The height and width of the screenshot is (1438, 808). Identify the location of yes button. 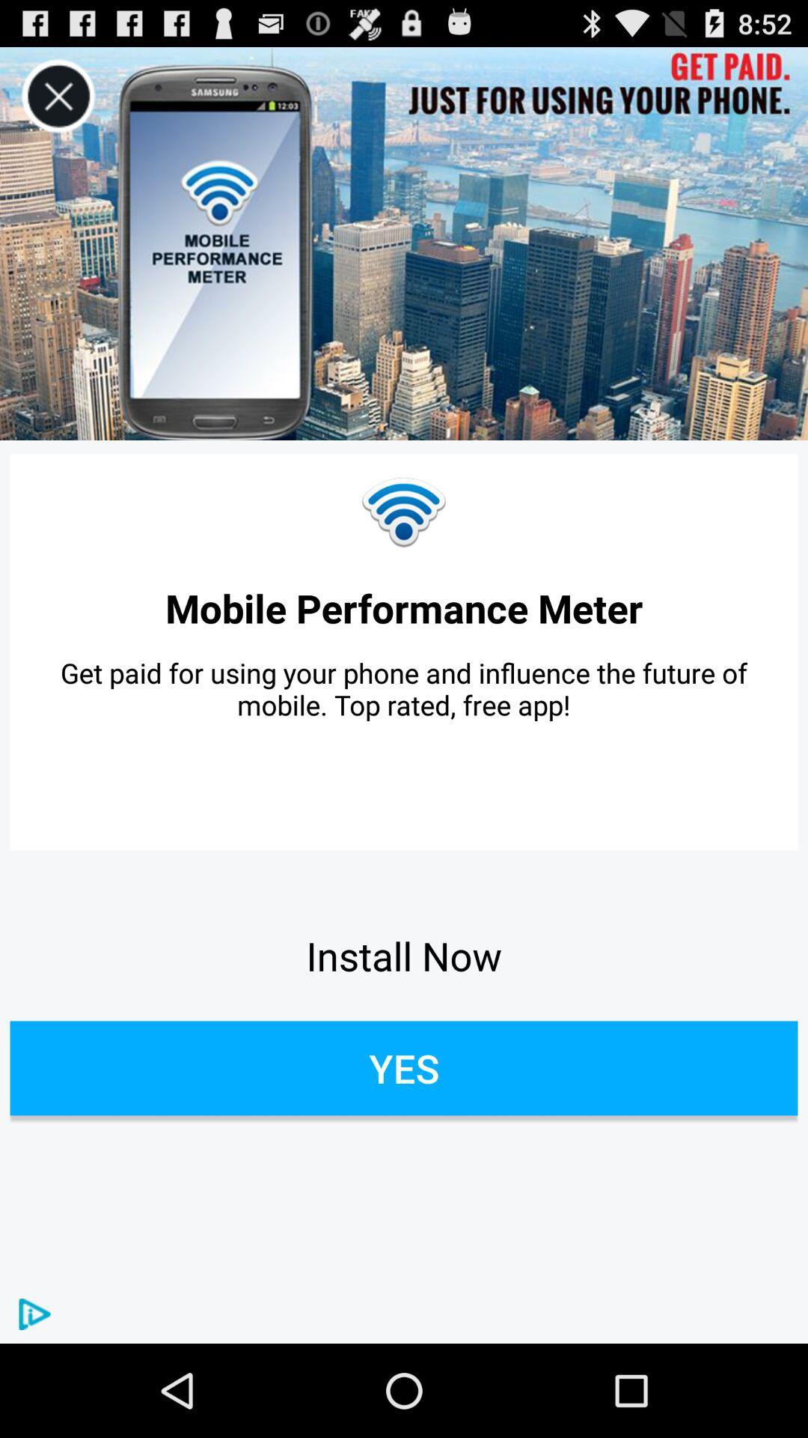
(404, 1067).